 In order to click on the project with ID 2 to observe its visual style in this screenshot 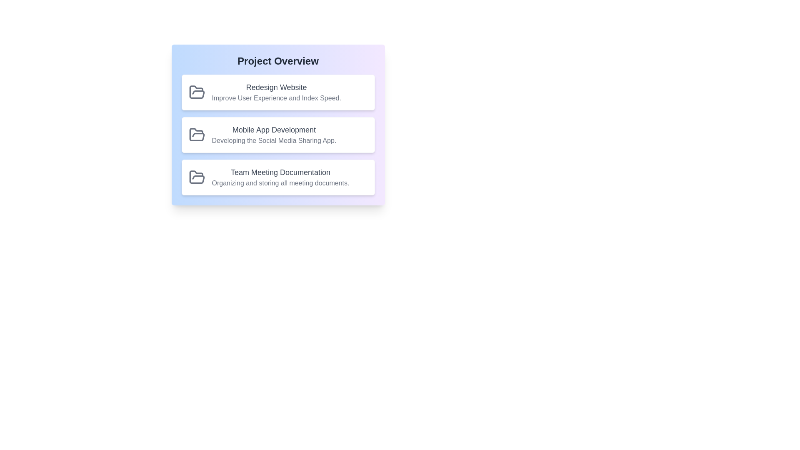, I will do `click(278, 135)`.